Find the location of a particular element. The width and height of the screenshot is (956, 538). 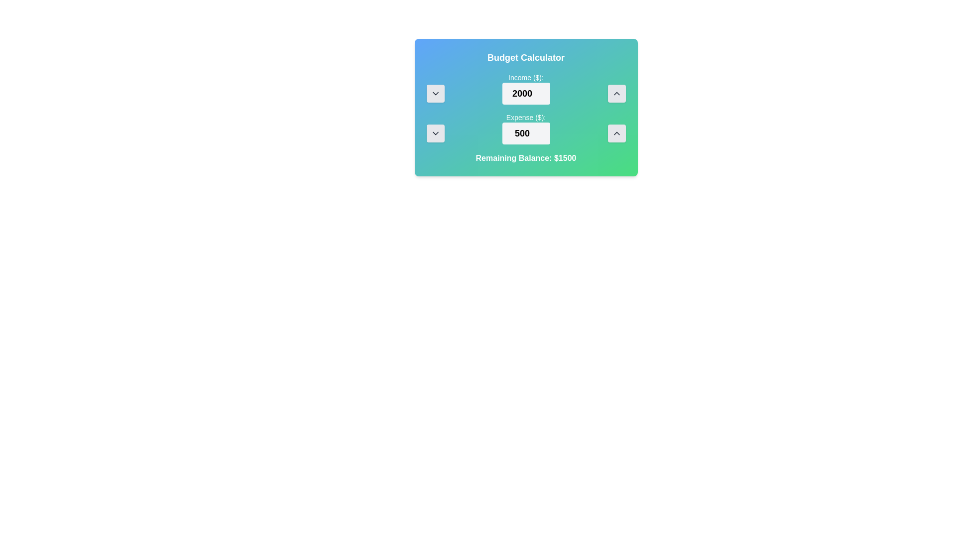

the upward triangle icon within the rectangular button located at the right side of the 'Expense ($)' field in the 'Budget Calculator' interface to increase the budget amount is located at coordinates (616, 133).